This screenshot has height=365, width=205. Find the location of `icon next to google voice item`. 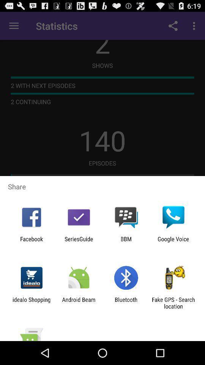

icon next to google voice item is located at coordinates (126, 242).